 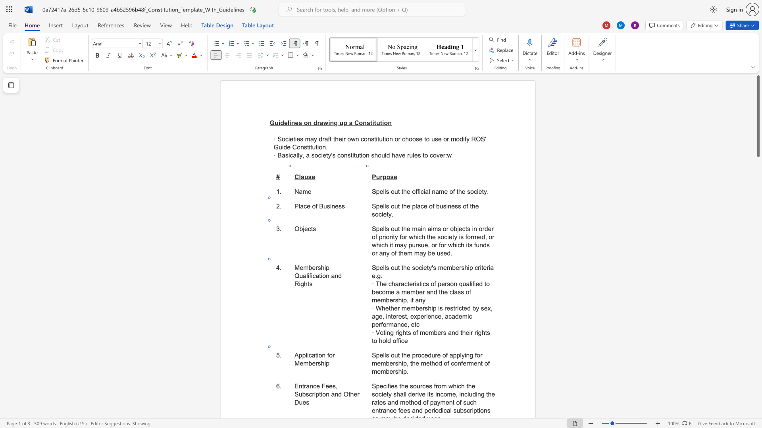 What do you see at coordinates (462, 267) in the screenshot?
I see `the space between the continuous character "r" and "s" in the text` at bounding box center [462, 267].